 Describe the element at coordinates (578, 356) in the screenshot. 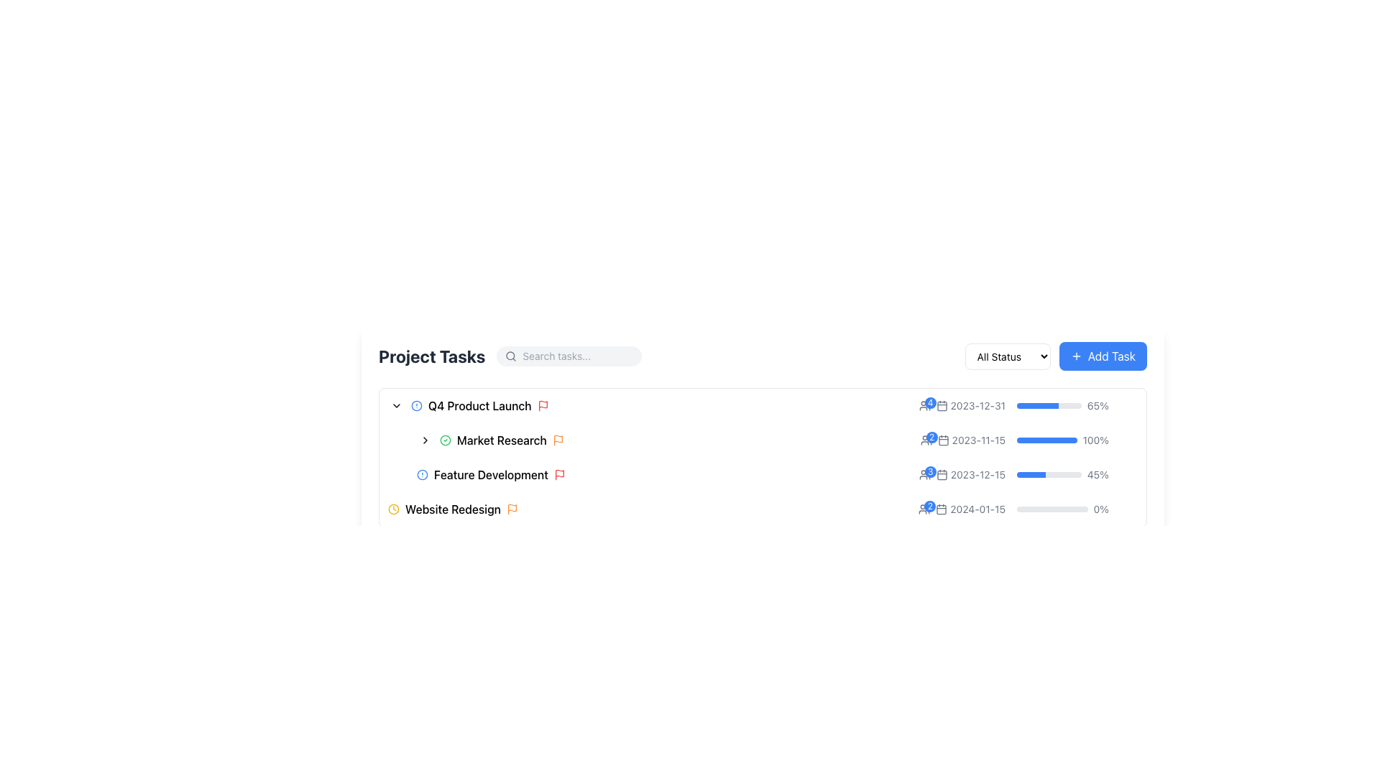

I see `the text input field used for searching tasks, located to the right of the 'Project Tasks' label and within the search bar component` at that location.